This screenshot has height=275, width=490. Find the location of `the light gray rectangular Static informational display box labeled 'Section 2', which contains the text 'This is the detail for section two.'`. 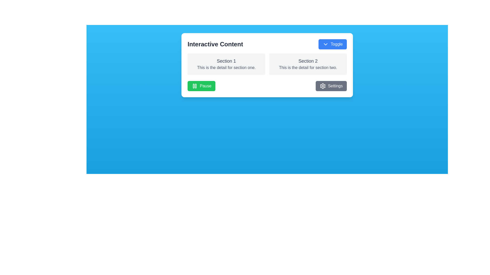

the light gray rectangular Static informational display box labeled 'Section 2', which contains the text 'This is the detail for section two.' is located at coordinates (308, 64).